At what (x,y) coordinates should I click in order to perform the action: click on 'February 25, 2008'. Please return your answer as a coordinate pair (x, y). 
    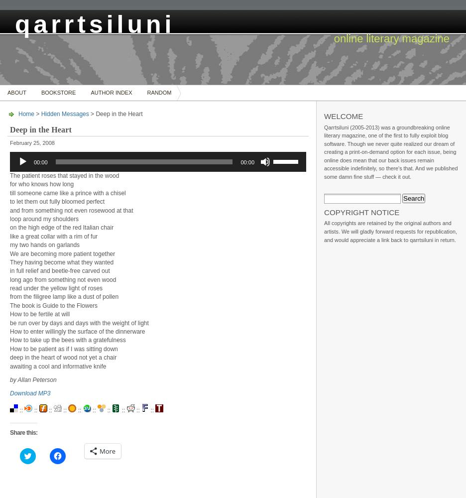
    Looking at the image, I should click on (32, 143).